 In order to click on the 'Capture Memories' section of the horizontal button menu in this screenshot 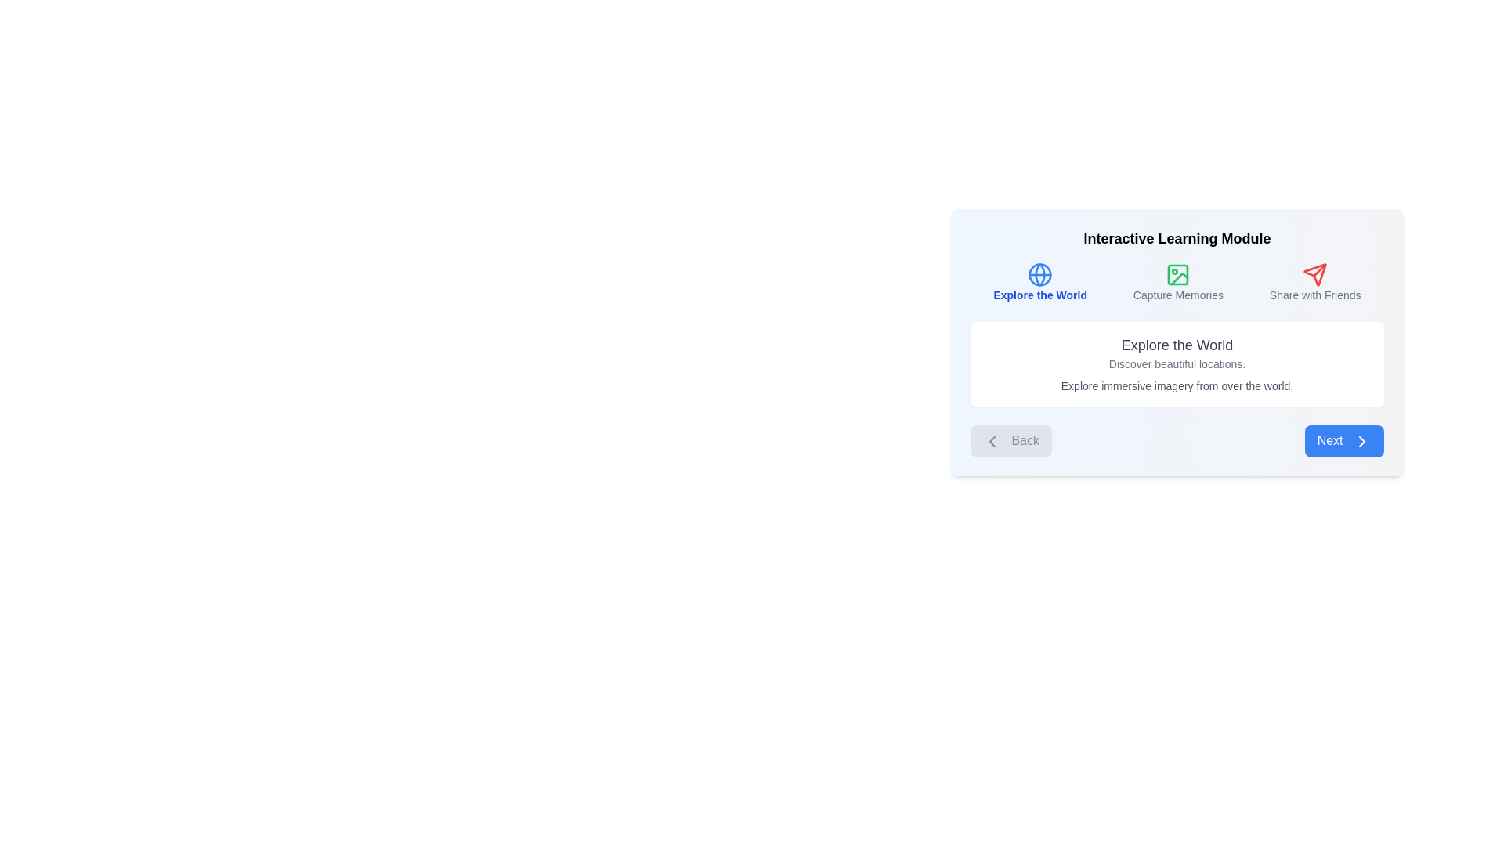, I will do `click(1177, 283)`.